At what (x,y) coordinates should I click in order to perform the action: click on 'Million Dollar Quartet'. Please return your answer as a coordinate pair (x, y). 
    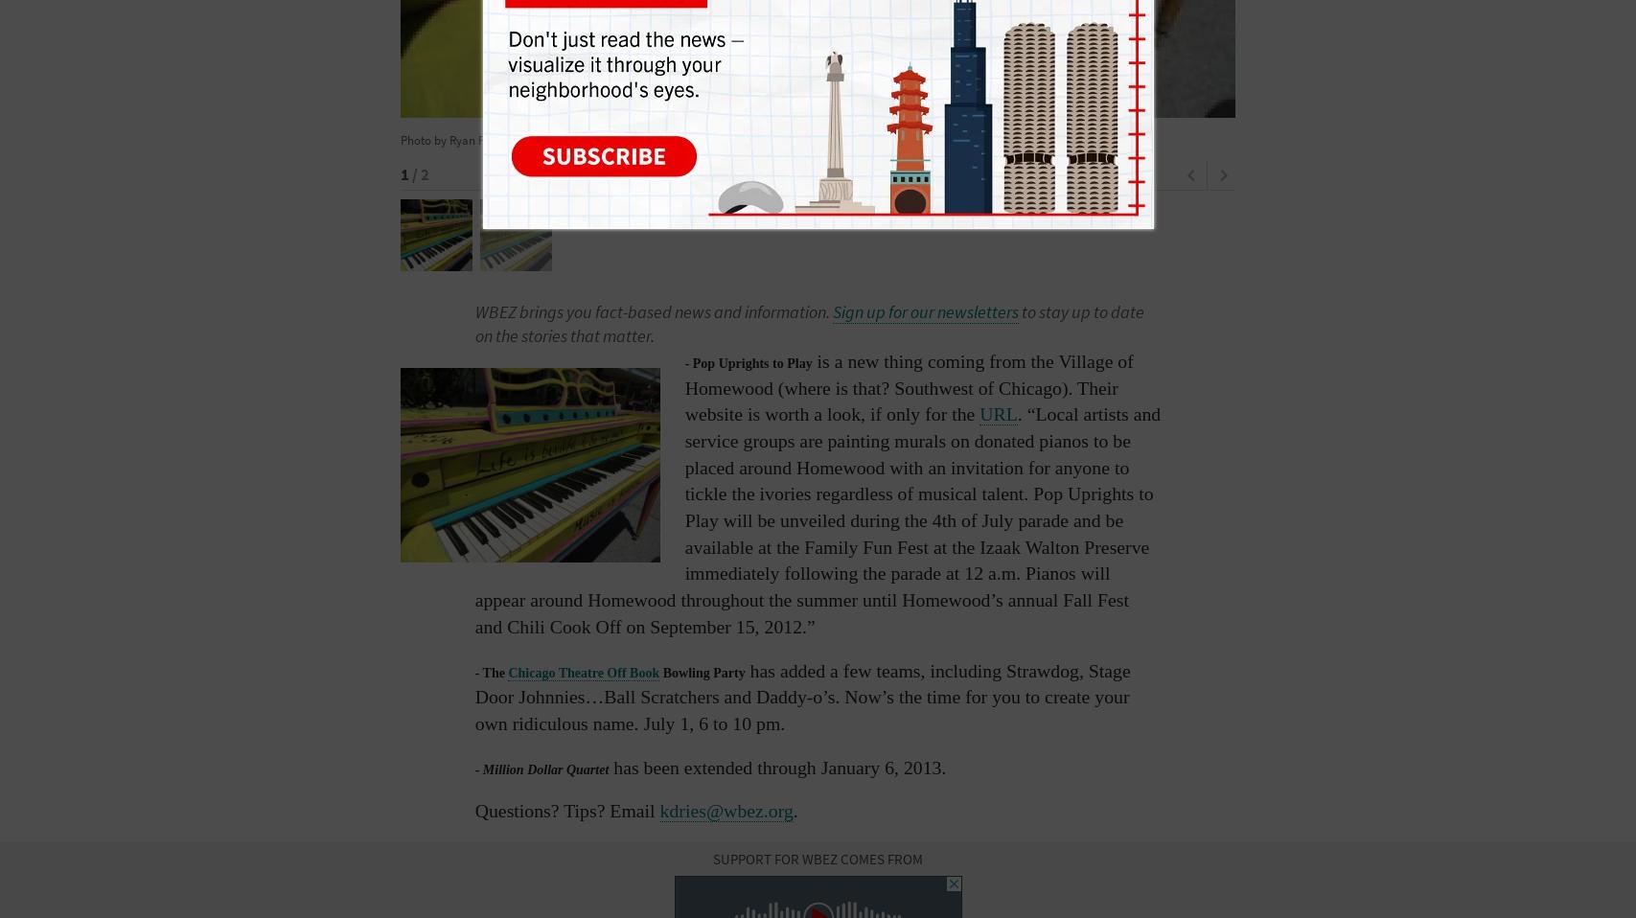
    Looking at the image, I should click on (544, 768).